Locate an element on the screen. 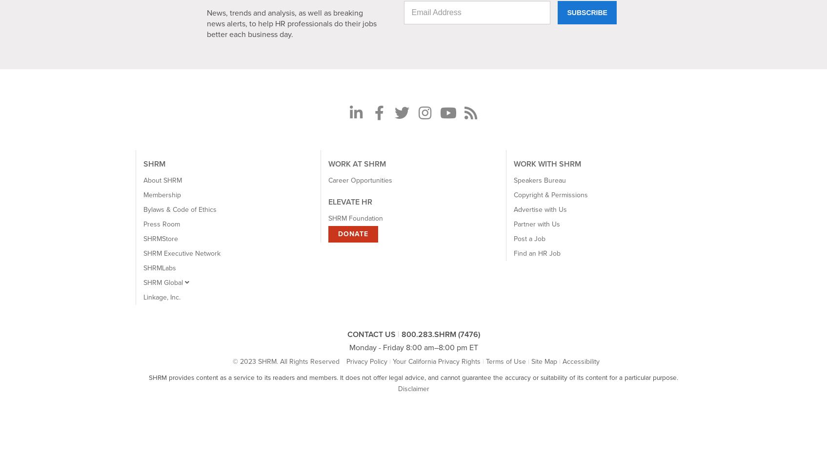 The height and width of the screenshot is (451, 827). 'Disclaimer' is located at coordinates (397, 388).